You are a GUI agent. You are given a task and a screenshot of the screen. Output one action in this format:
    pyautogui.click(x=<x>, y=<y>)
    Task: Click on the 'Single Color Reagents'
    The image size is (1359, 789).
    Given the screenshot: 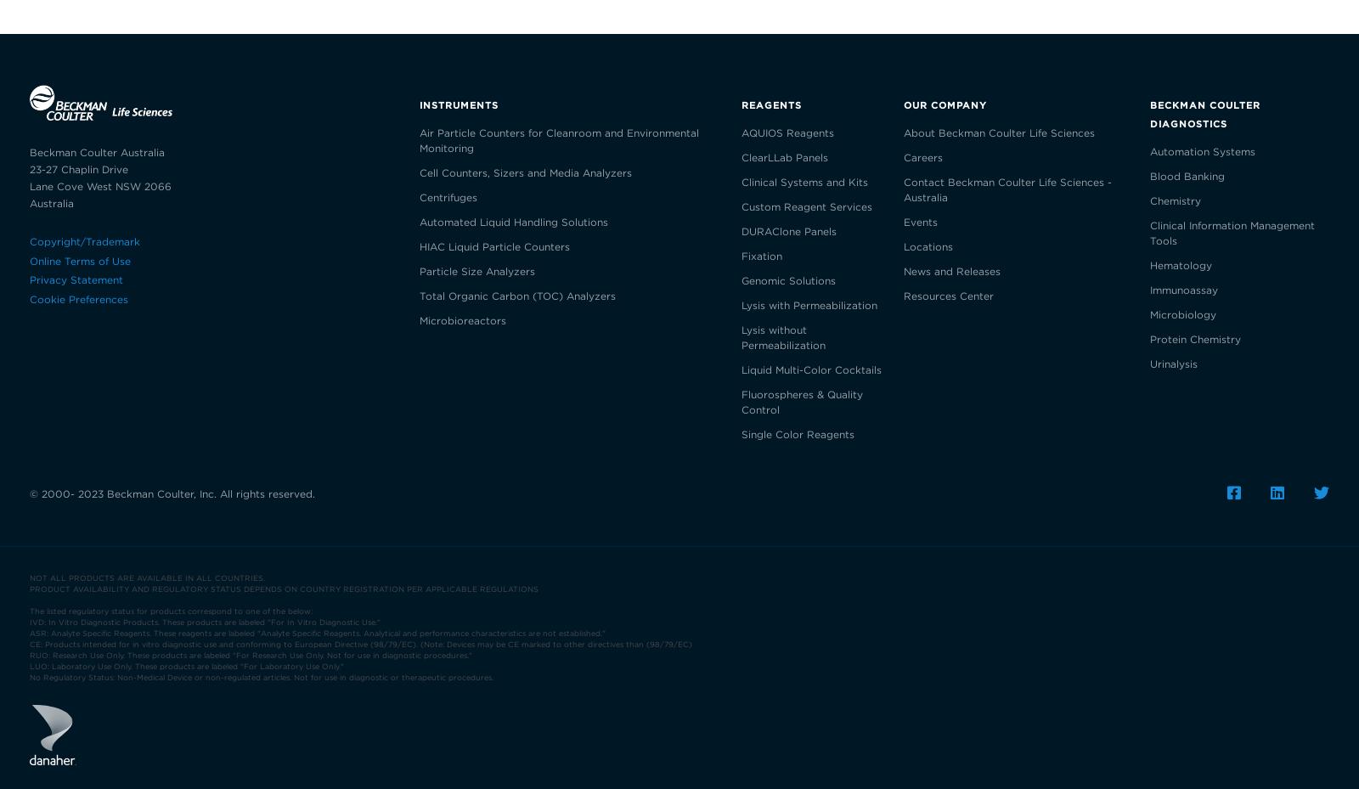 What is the action you would take?
    pyautogui.click(x=796, y=433)
    